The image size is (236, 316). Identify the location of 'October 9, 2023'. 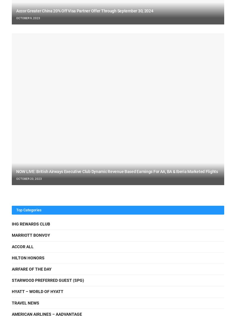
(28, 18).